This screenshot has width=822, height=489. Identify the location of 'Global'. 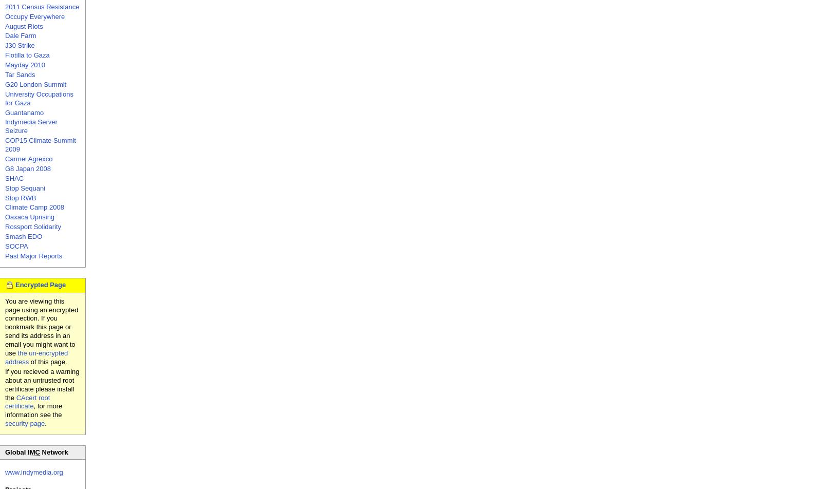
(16, 452).